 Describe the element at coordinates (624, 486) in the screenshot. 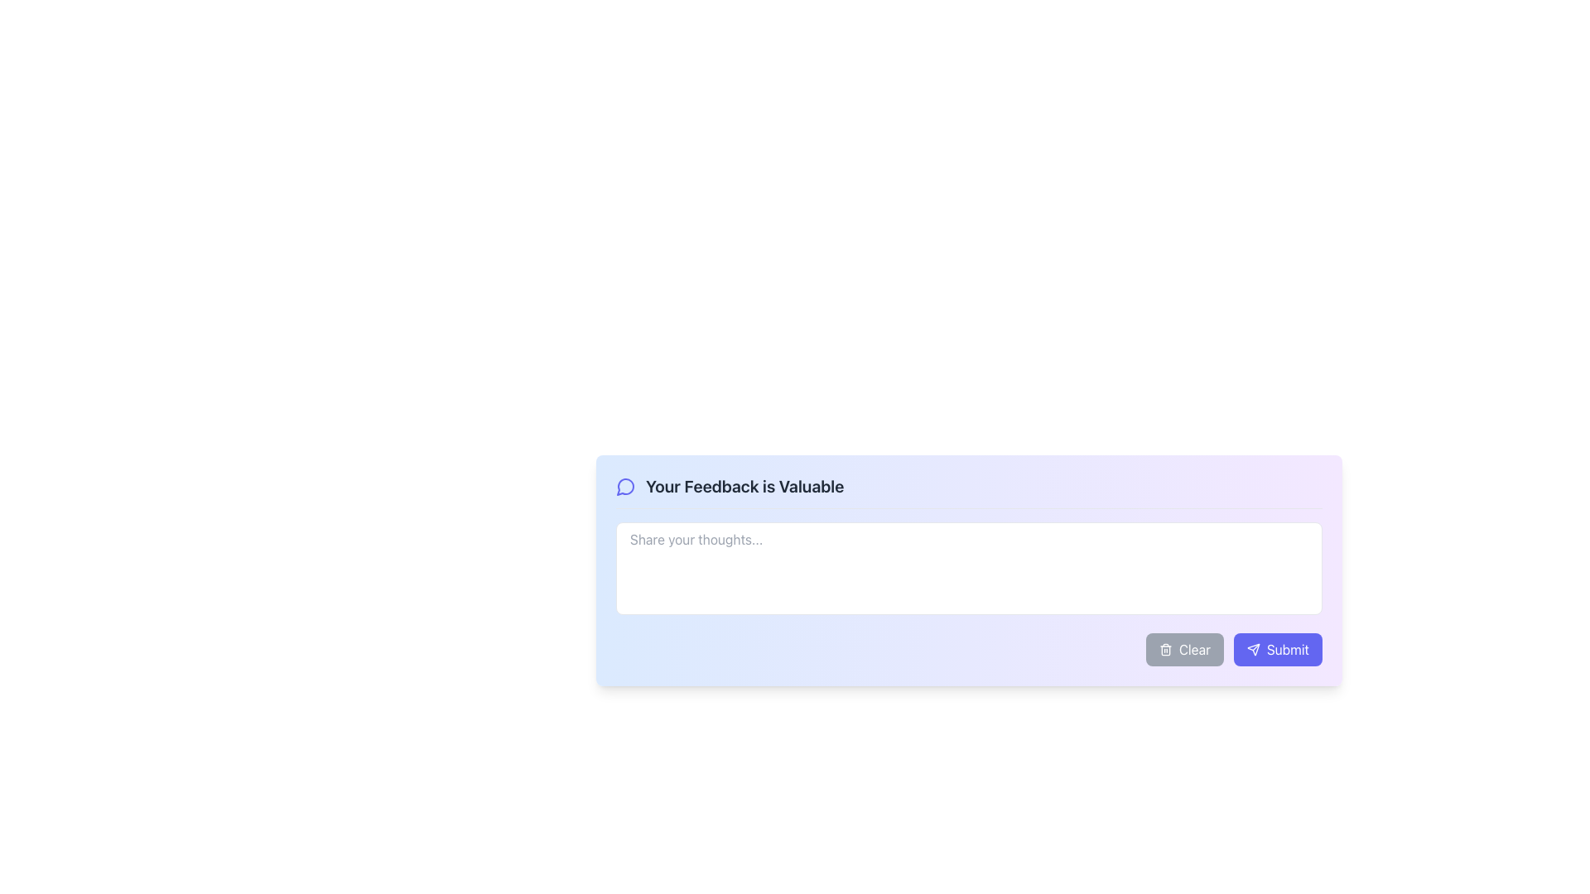

I see `the text bubble icon that is part of a larger icon set, located in the top-left corner of the modal, before the text input field` at that location.